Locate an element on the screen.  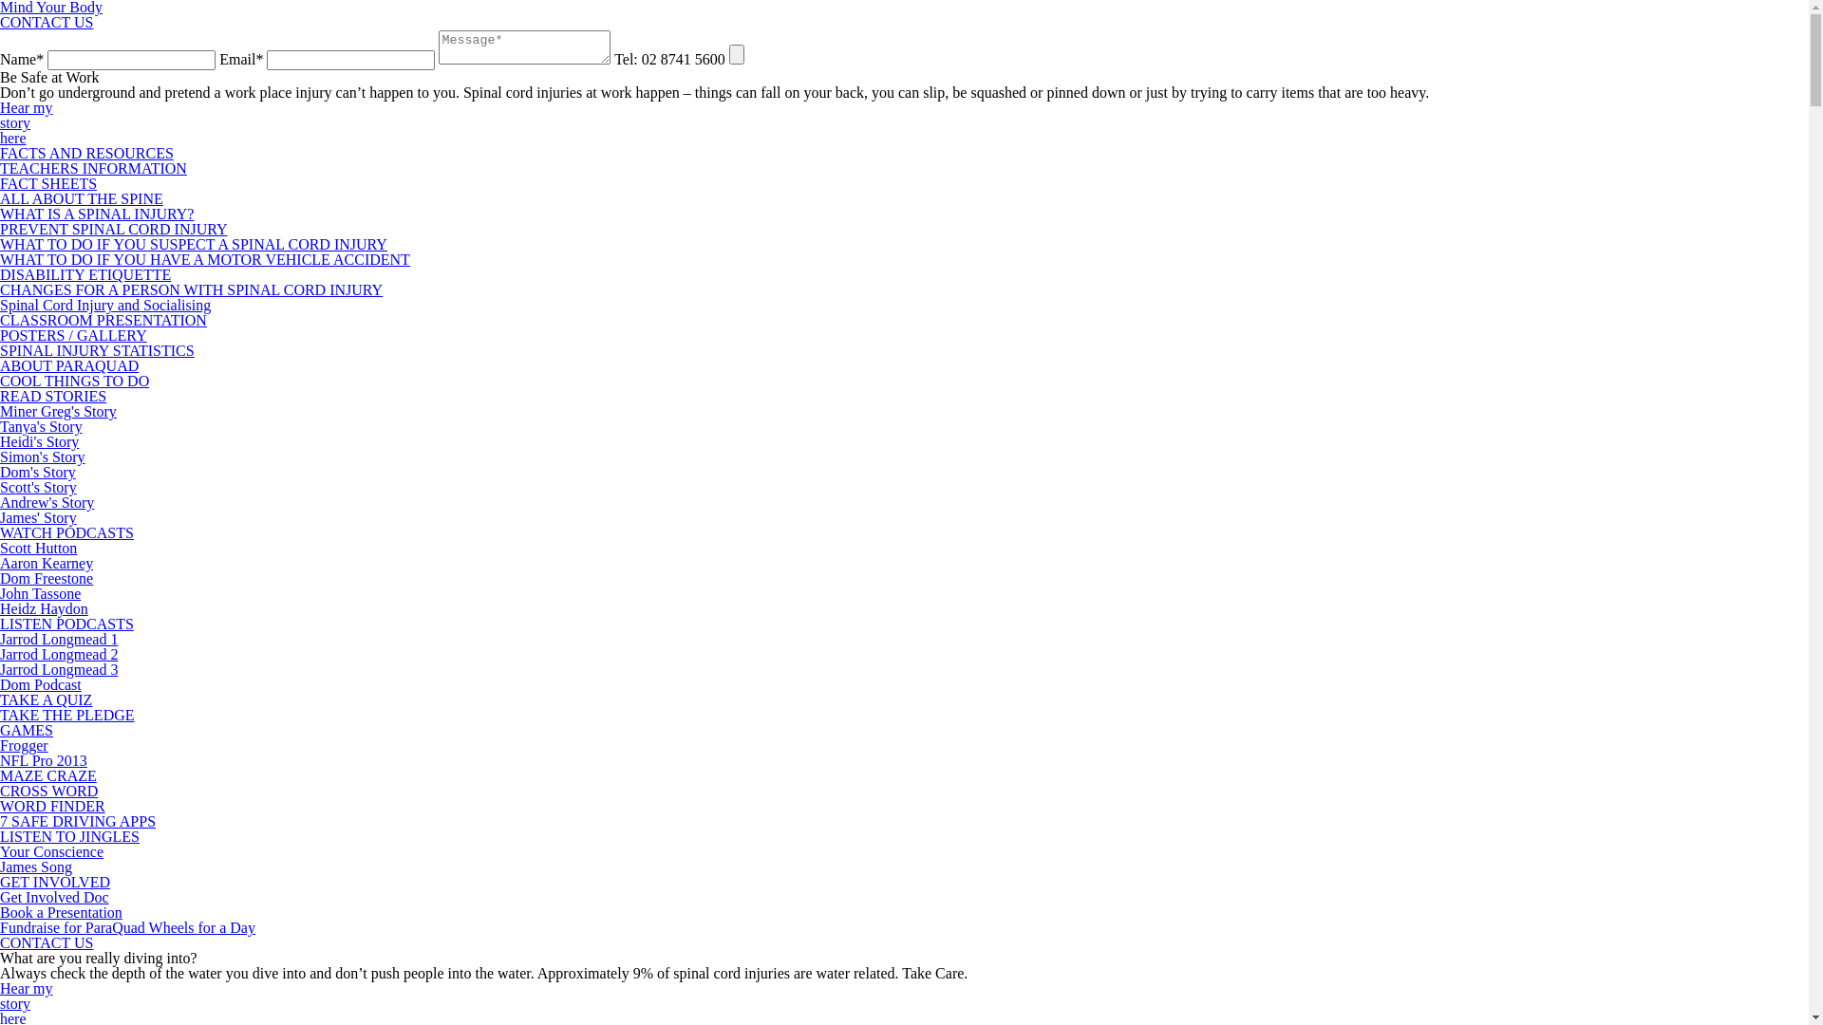
'ABOUT PARAQUAD' is located at coordinates (68, 365).